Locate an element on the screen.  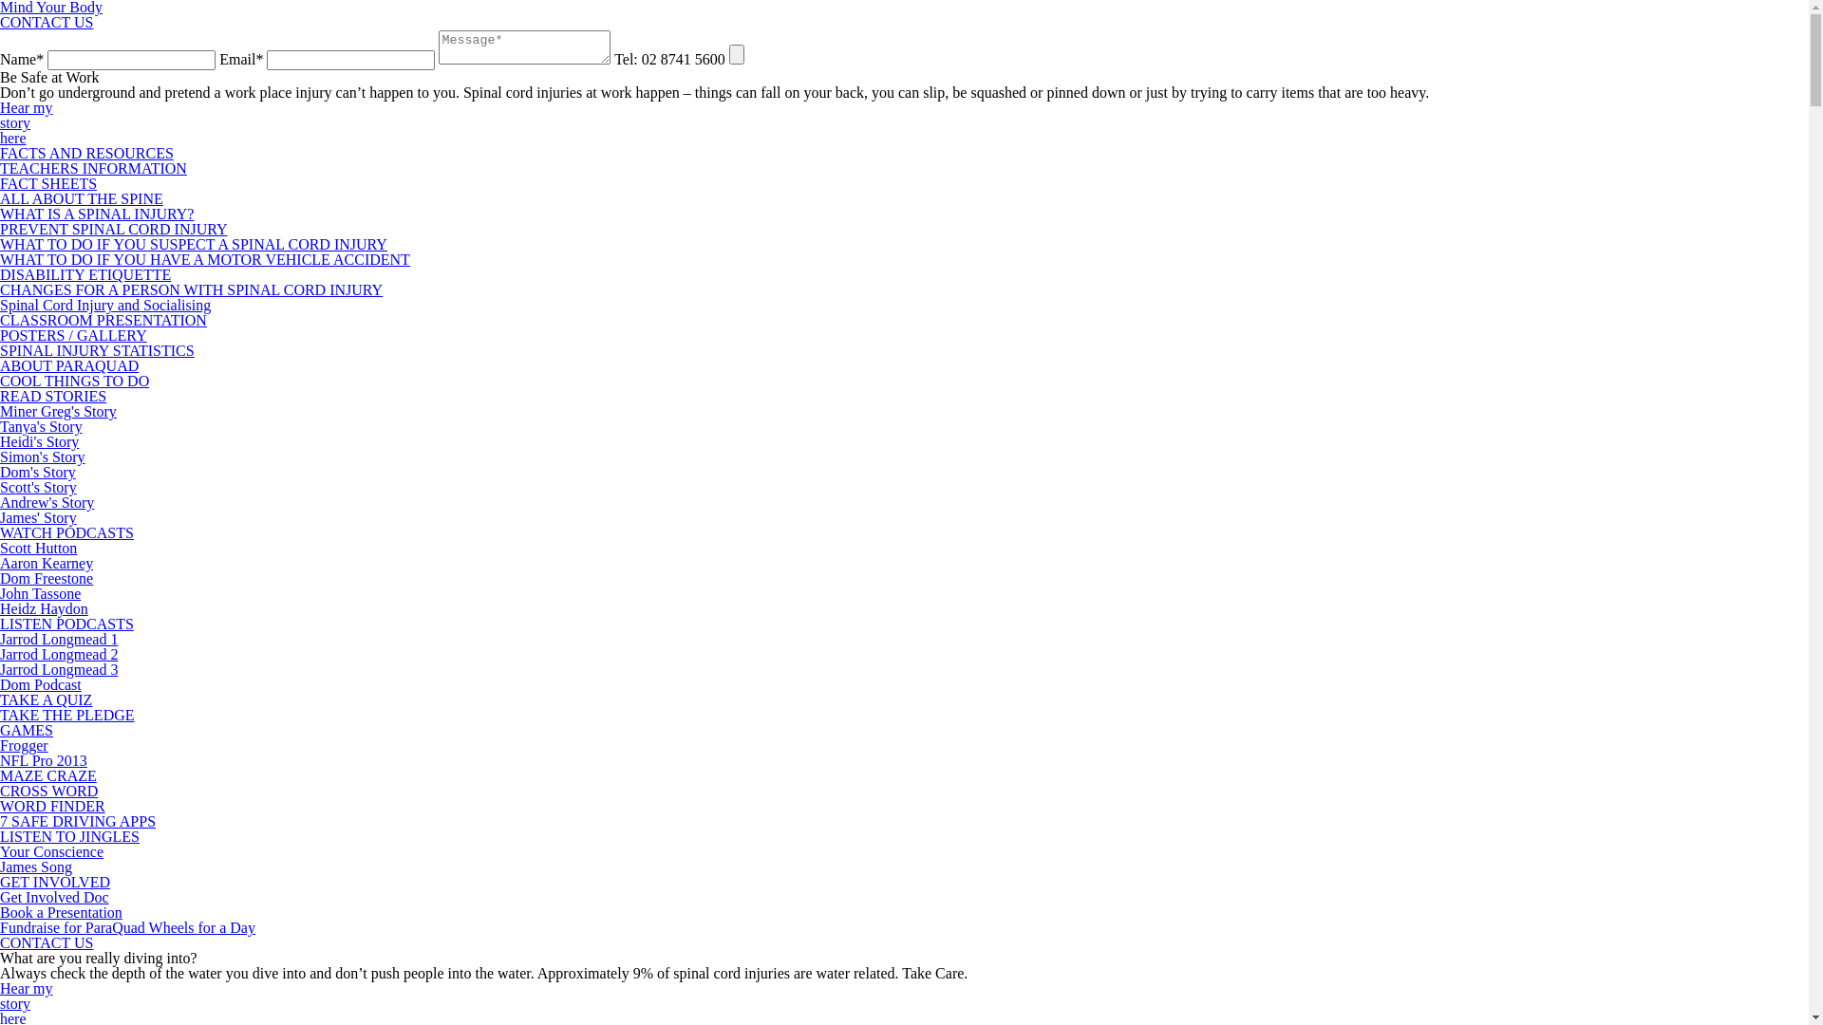
'ABOUT PARAQUAD' is located at coordinates (68, 365).